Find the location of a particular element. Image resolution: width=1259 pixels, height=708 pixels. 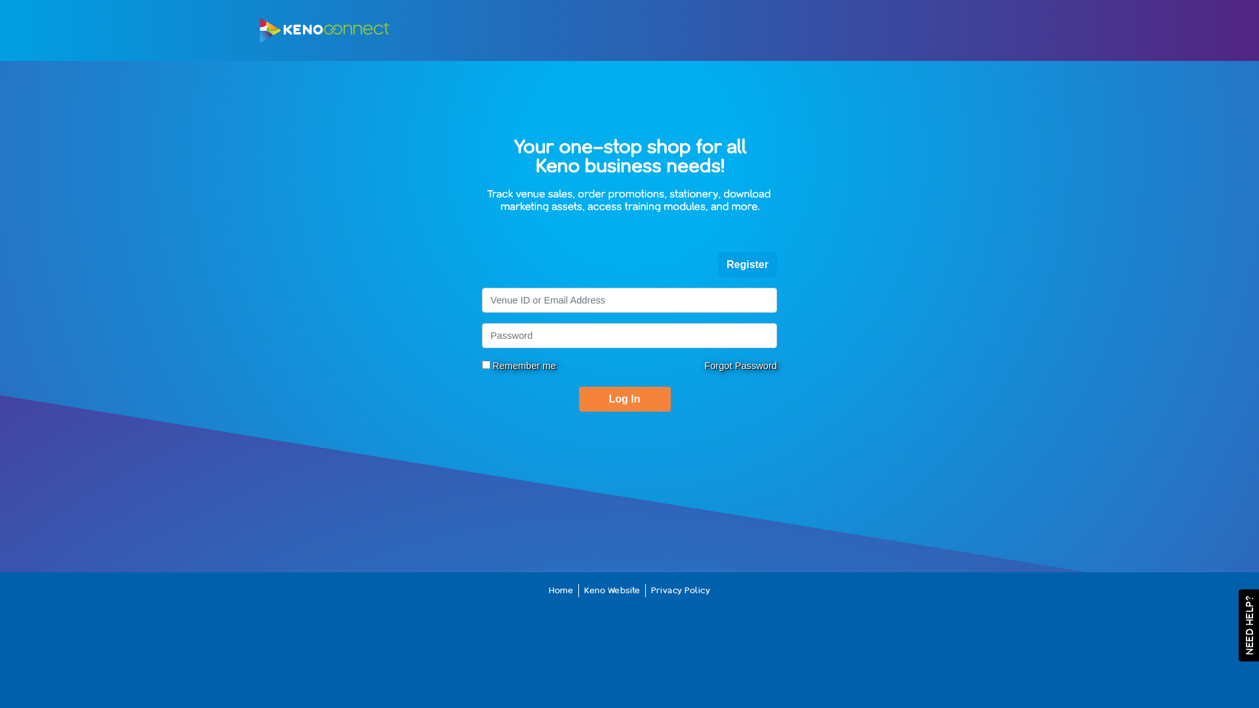

'Keno Website' is located at coordinates (611, 590).